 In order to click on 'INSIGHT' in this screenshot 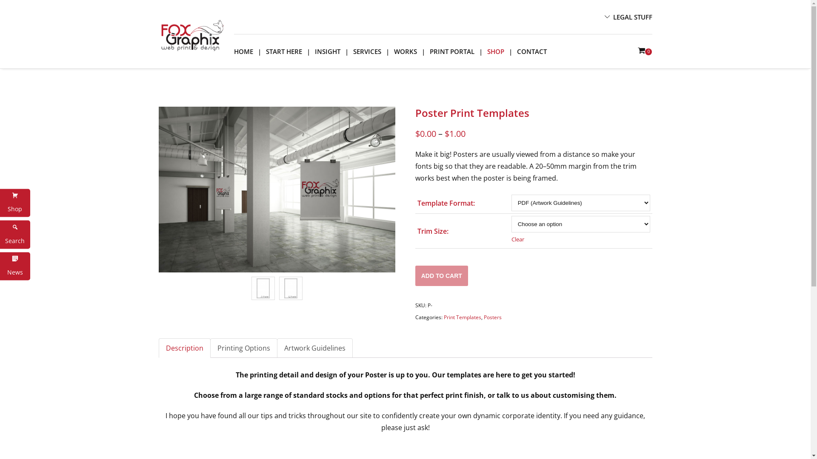, I will do `click(326, 51)`.